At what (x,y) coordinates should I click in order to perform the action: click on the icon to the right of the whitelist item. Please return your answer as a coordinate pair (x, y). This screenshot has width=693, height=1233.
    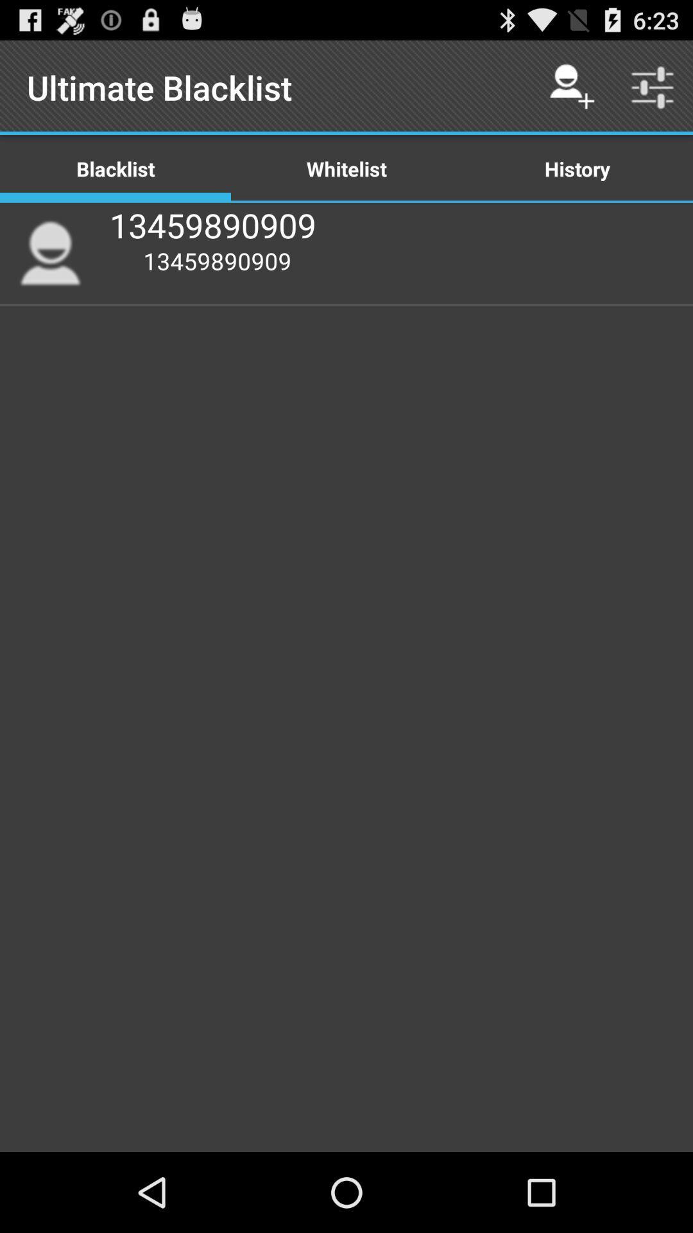
    Looking at the image, I should click on (576, 168).